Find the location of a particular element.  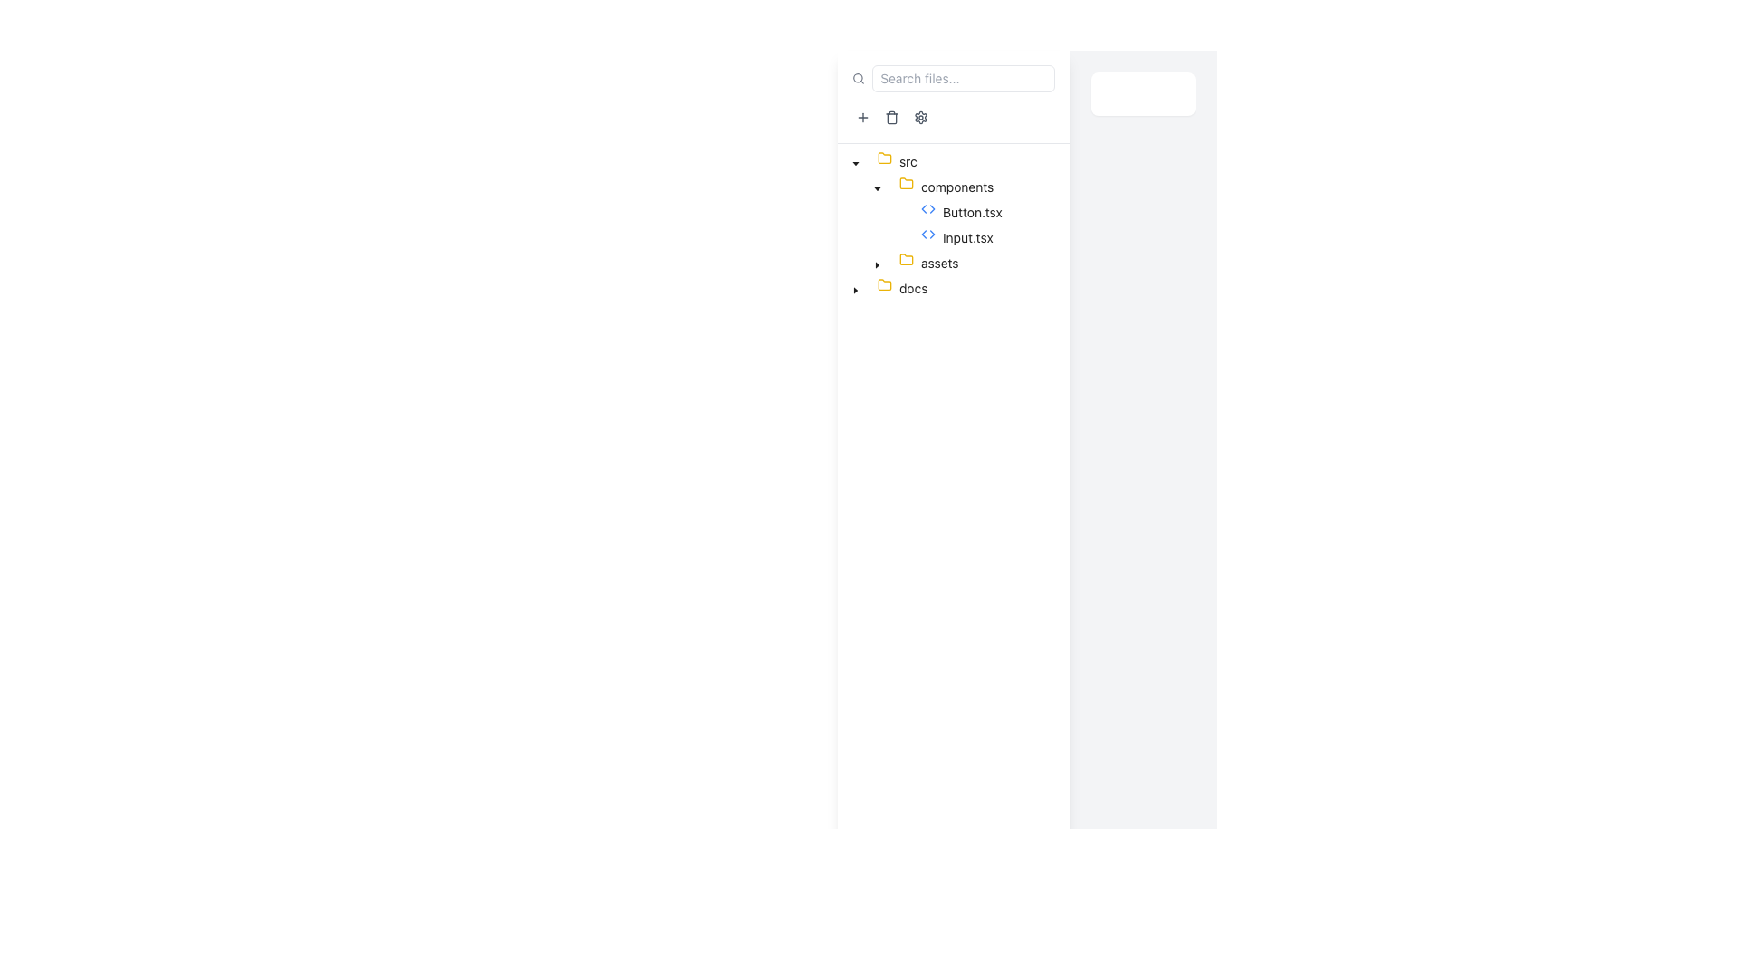

the gray gear icon button representing settings, which is the third button in a row of evenly spaced buttons is located at coordinates (921, 118).